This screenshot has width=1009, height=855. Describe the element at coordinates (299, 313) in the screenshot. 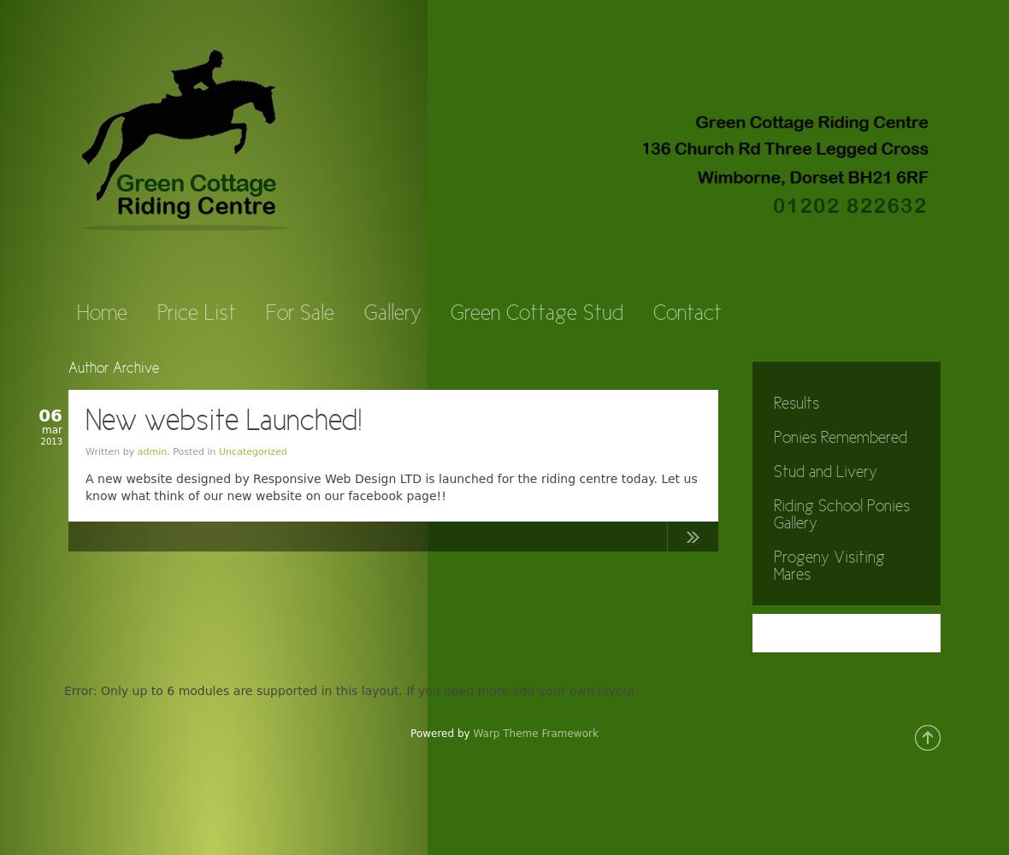

I see `'For Sale'` at that location.